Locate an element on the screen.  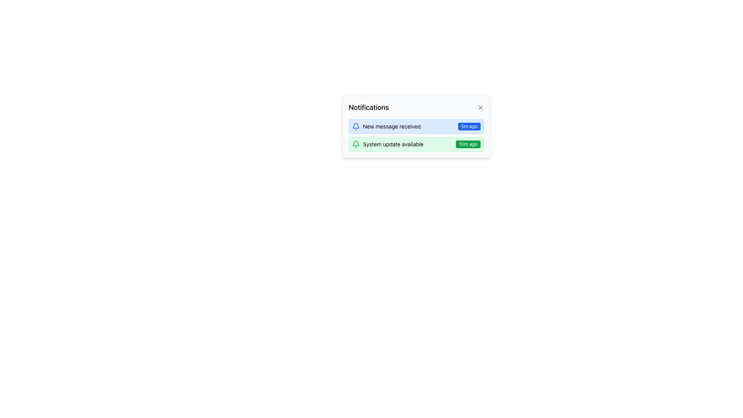
the top notification entry that displays a message received, indicated by a bell icon, positioned above the 'System update available' notification is located at coordinates (416, 126).